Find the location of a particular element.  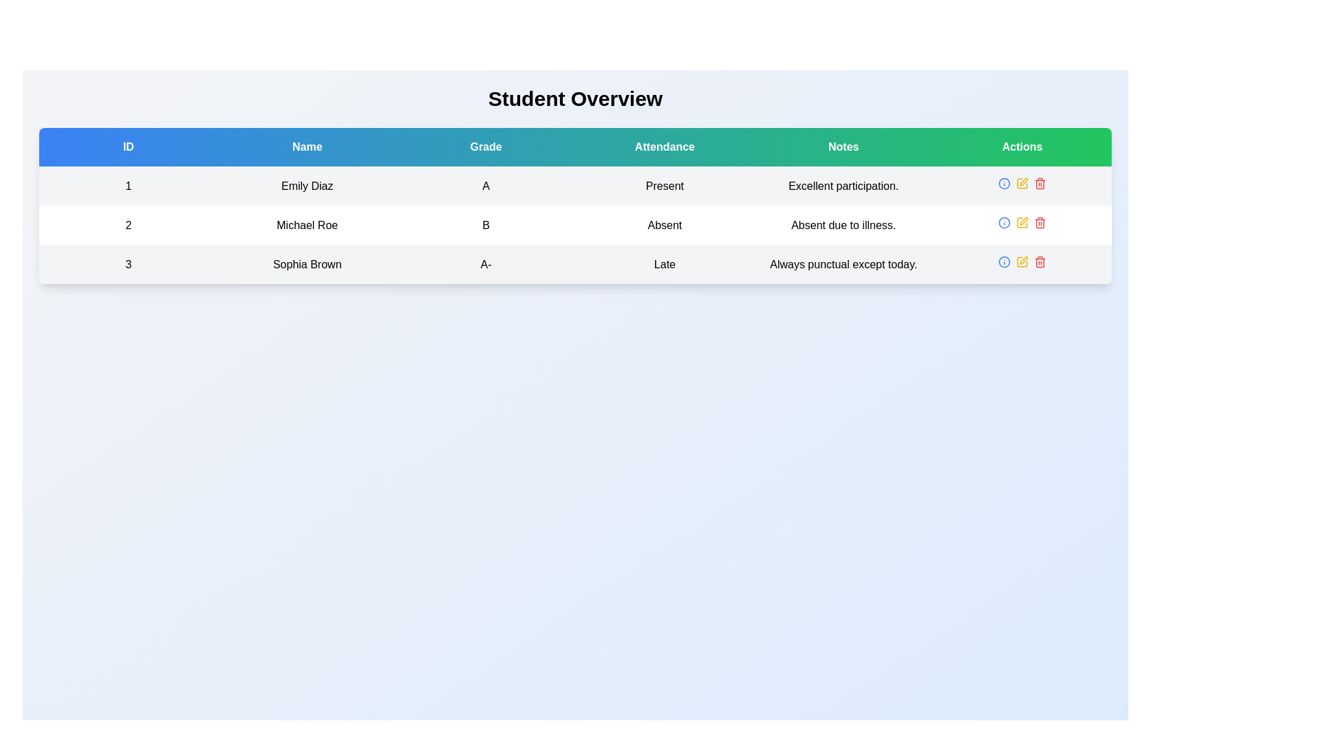

the delete button located in the 'Actions' column of the table at the rightmost side of the interface is located at coordinates (1040, 262).